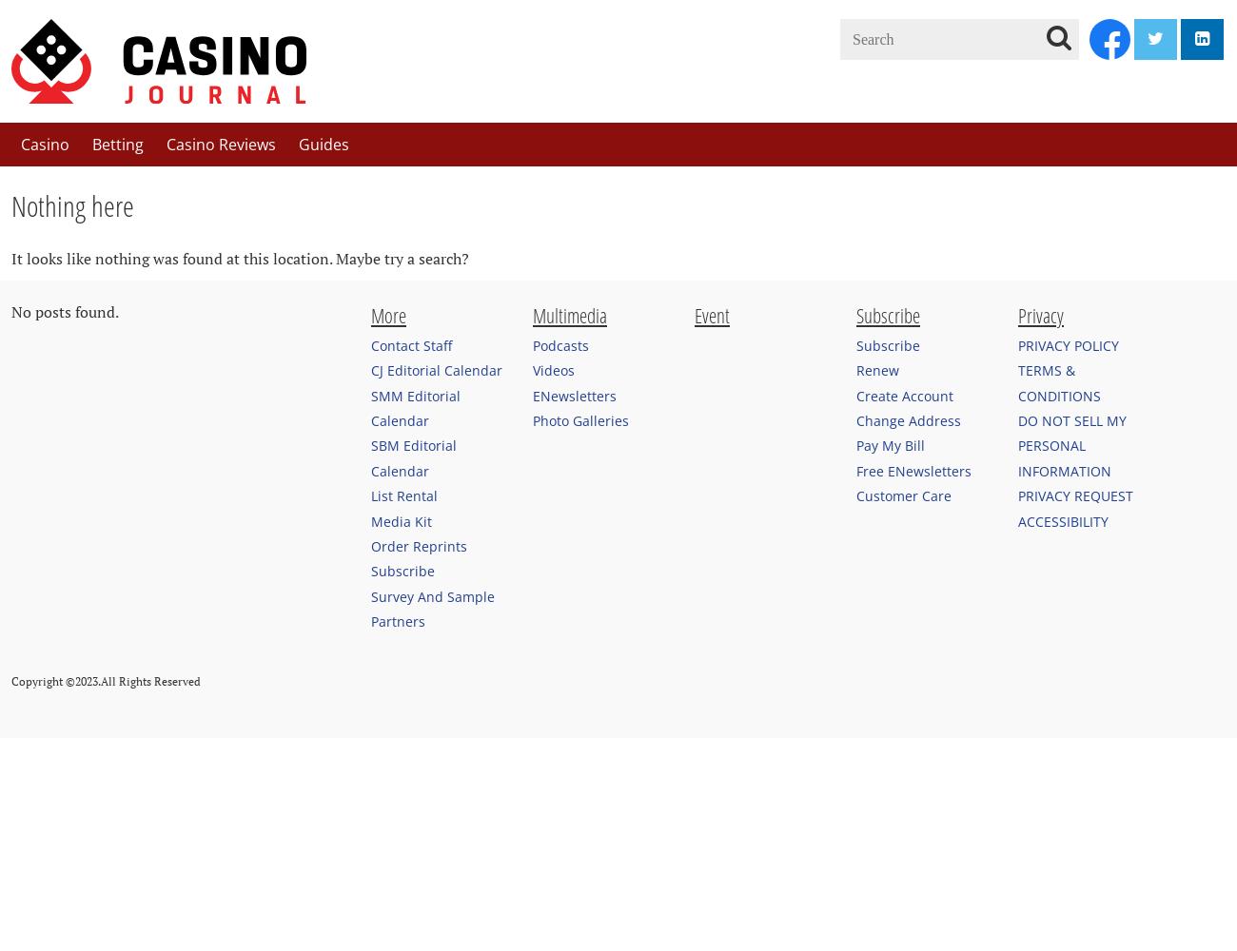 The width and height of the screenshot is (1237, 951). I want to click on 'Photo Galleries', so click(580, 419).